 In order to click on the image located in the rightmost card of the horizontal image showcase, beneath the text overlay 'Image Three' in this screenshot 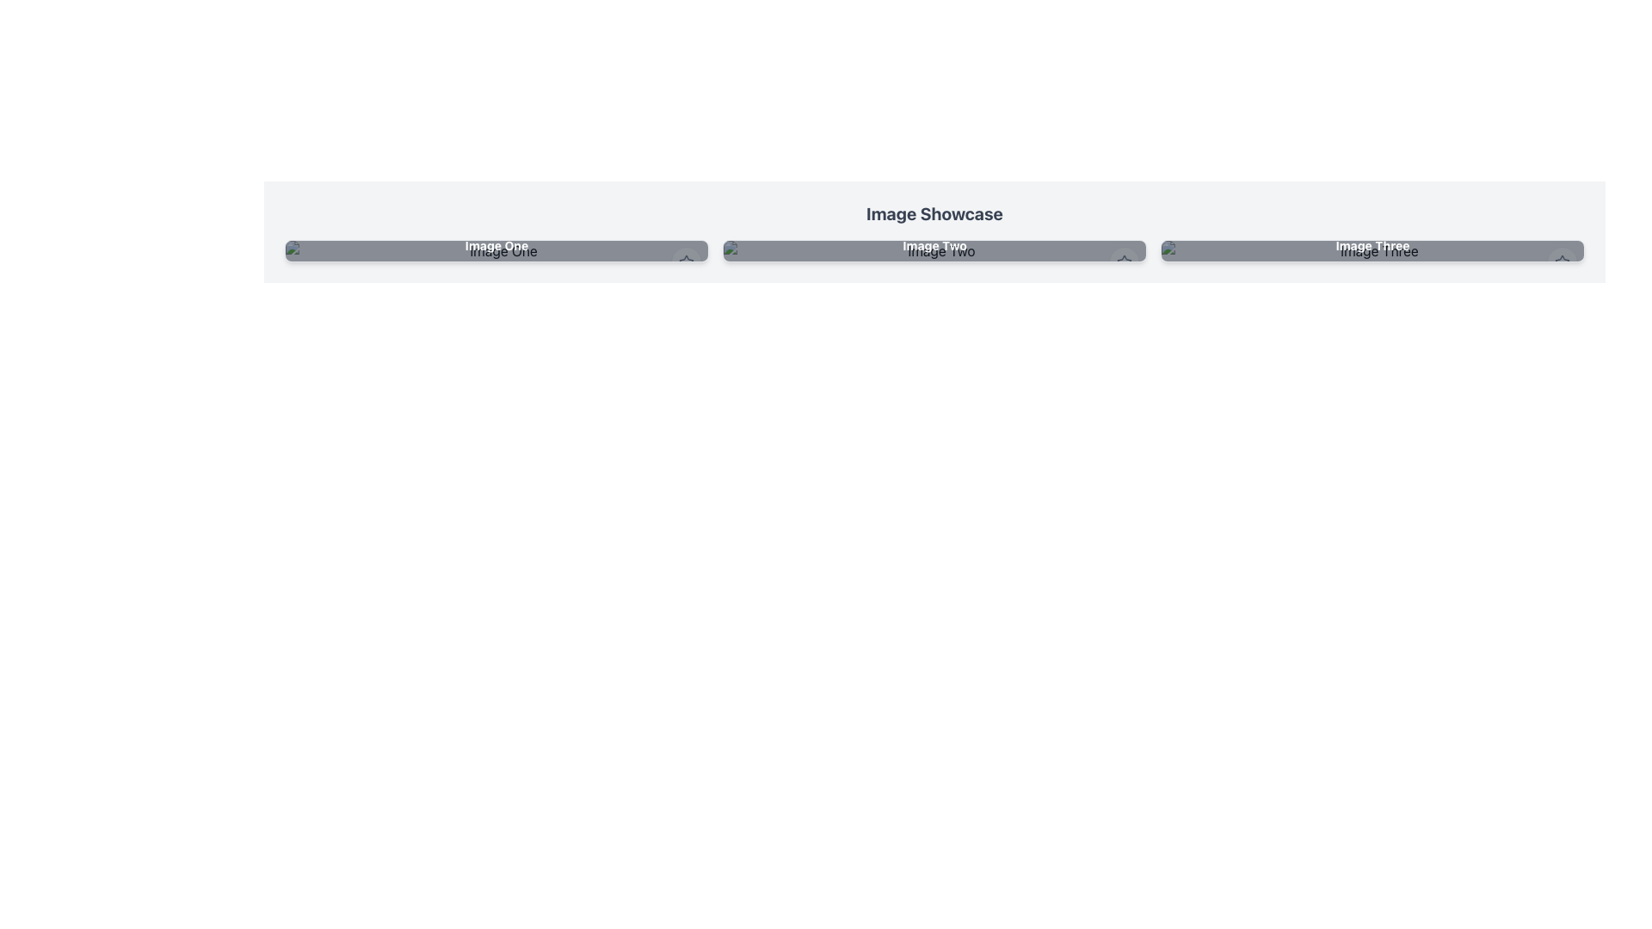, I will do `click(1372, 251)`.